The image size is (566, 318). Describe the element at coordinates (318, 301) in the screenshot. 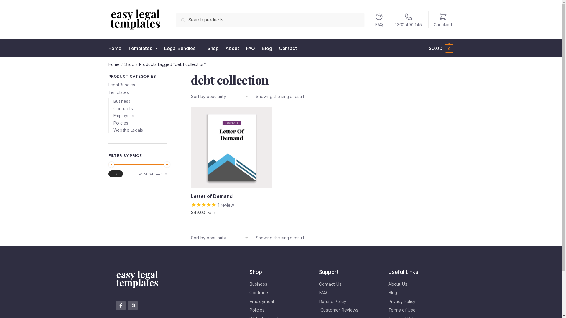

I see `'Refund Policy'` at that location.